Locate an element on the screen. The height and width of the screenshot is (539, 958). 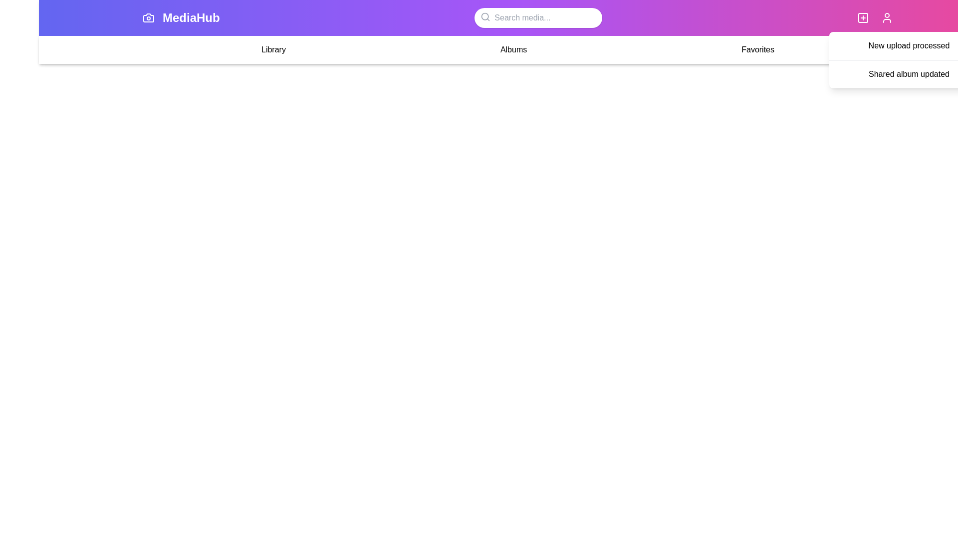
the 'Favorites' menu item to navigate to the favorites section is located at coordinates (757, 50).